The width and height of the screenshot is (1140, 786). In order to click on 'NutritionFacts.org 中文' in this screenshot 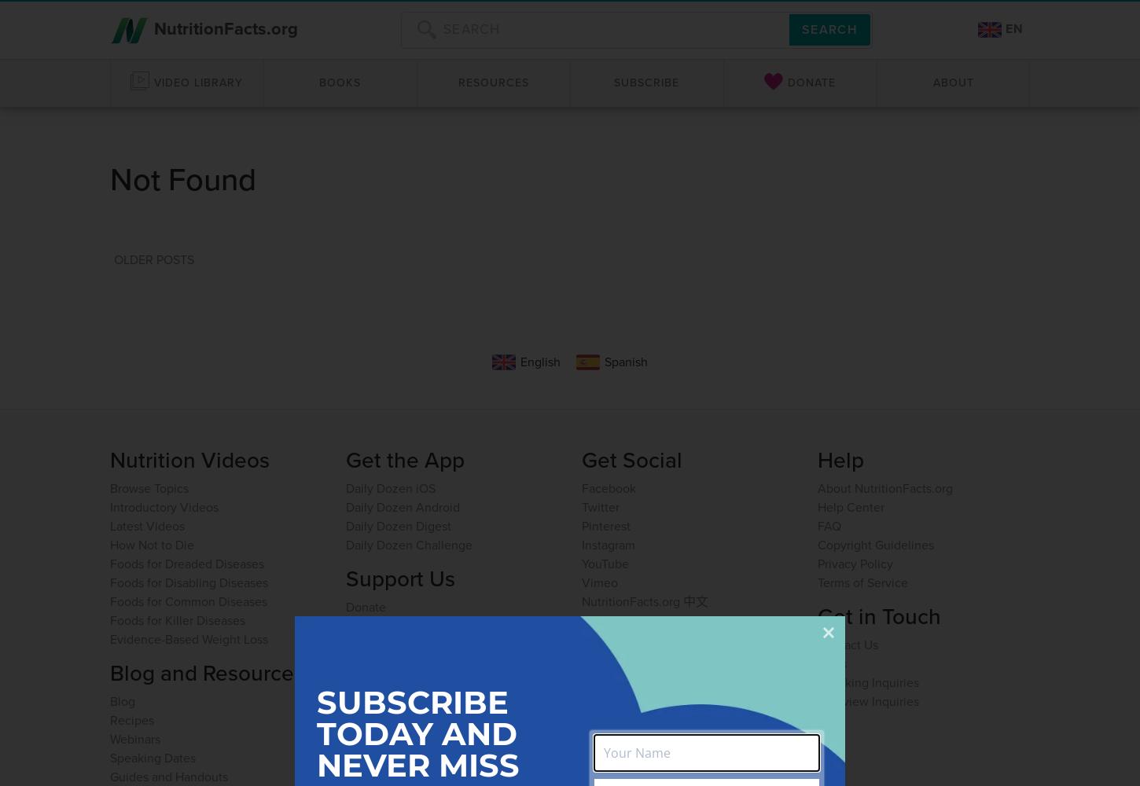, I will do `click(581, 601)`.